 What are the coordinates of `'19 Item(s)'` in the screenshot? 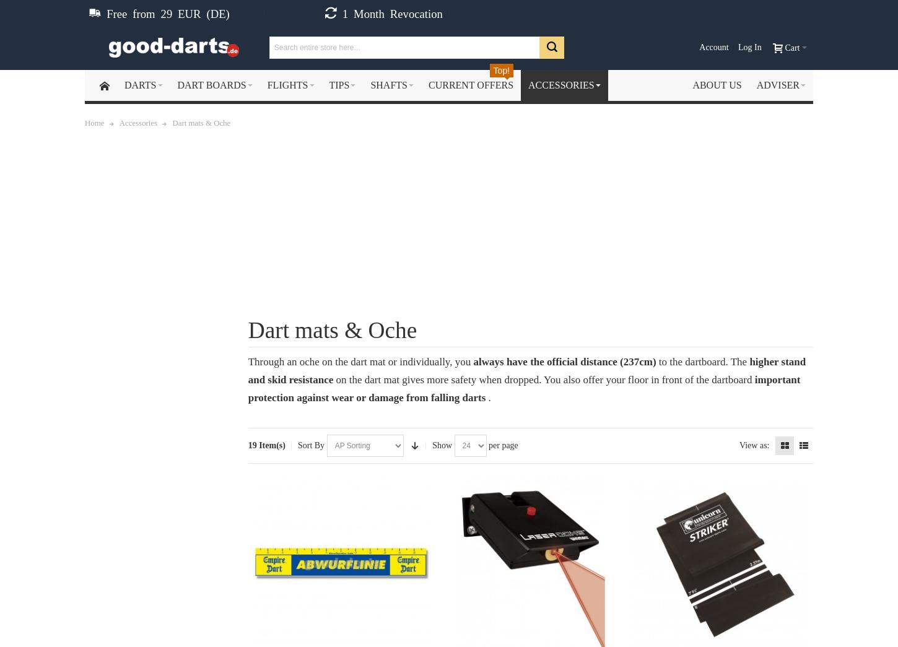 It's located at (266, 444).